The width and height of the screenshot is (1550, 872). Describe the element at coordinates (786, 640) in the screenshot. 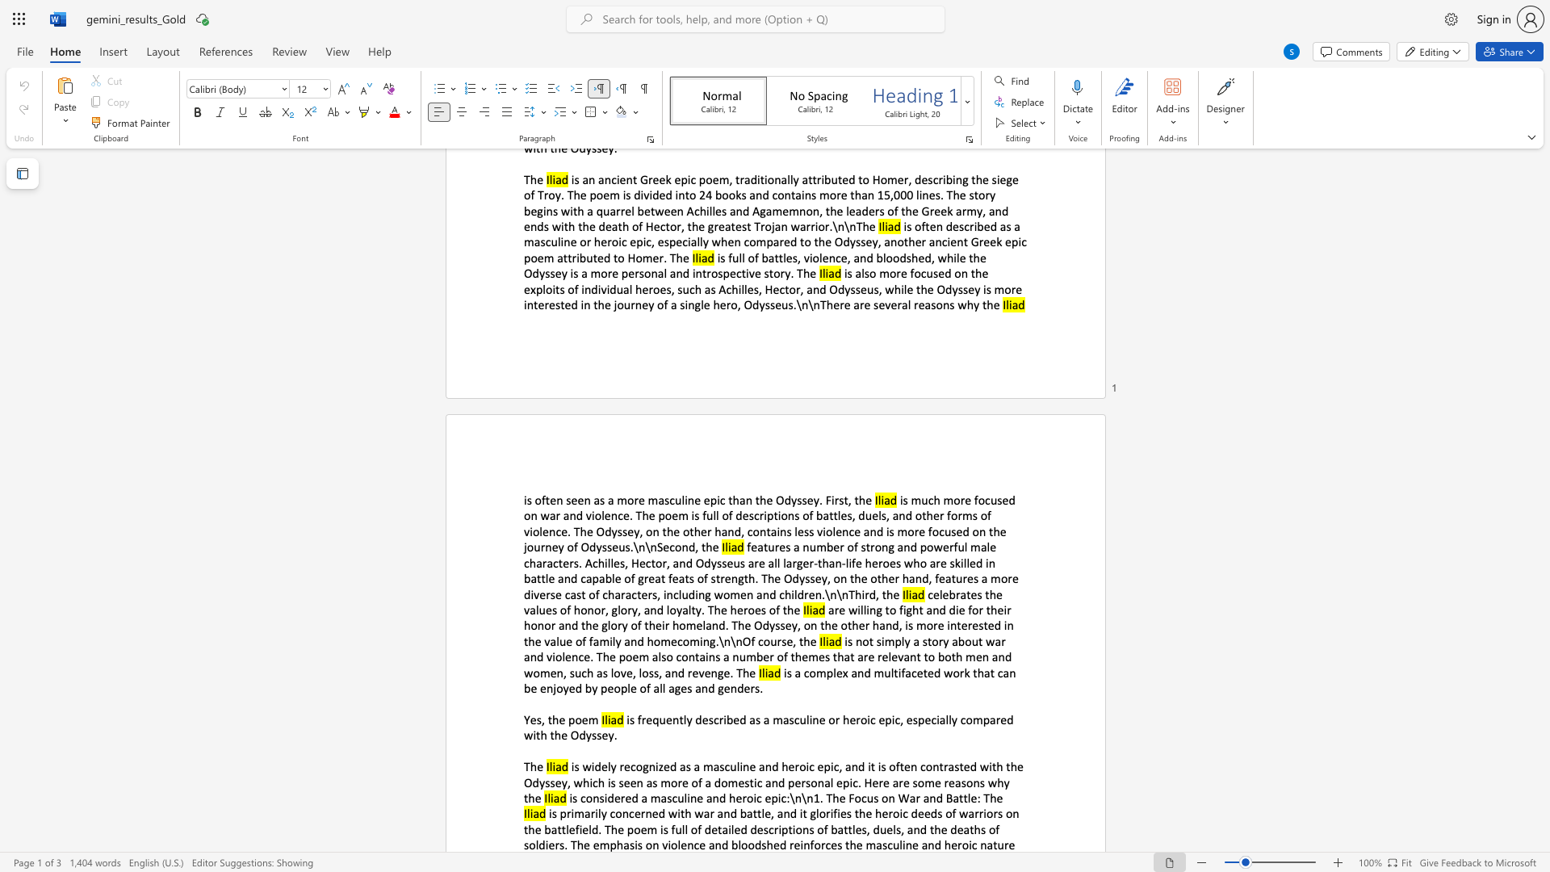

I see `the subset text "e, t" within the text "are willing to fight and die for their honor and the glory of their homeland. The Odyssey, on the other hand, is more interested in the value of family and homecoming.\n\nOf course, the"` at that location.